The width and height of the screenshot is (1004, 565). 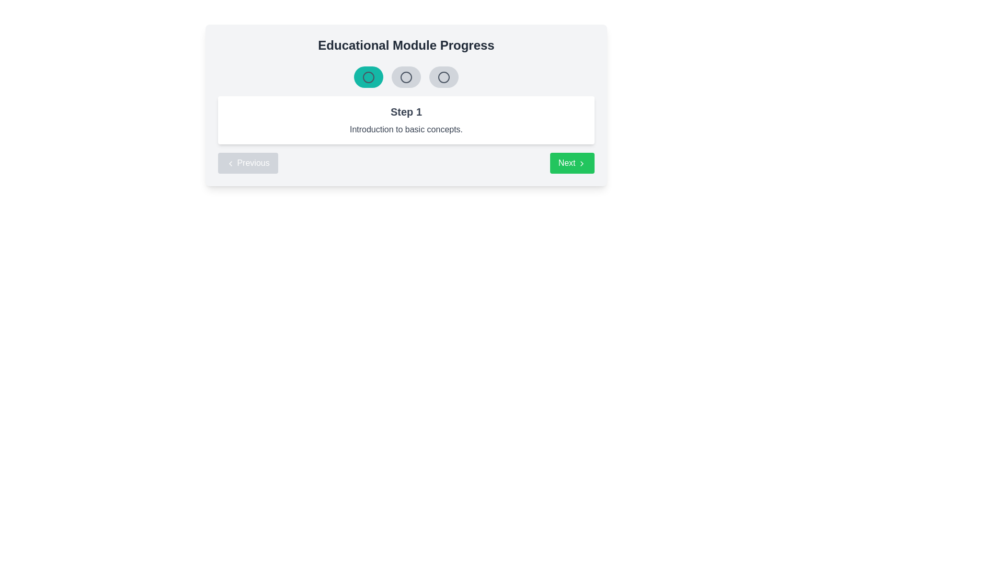 What do you see at coordinates (369, 76) in the screenshot?
I see `the visual state of the Progress tracker step indicator, which is a rounded rectangular component with a teal background and a circular icon, located near the top of the interface as the first item in a sequence of three progress indicators` at bounding box center [369, 76].